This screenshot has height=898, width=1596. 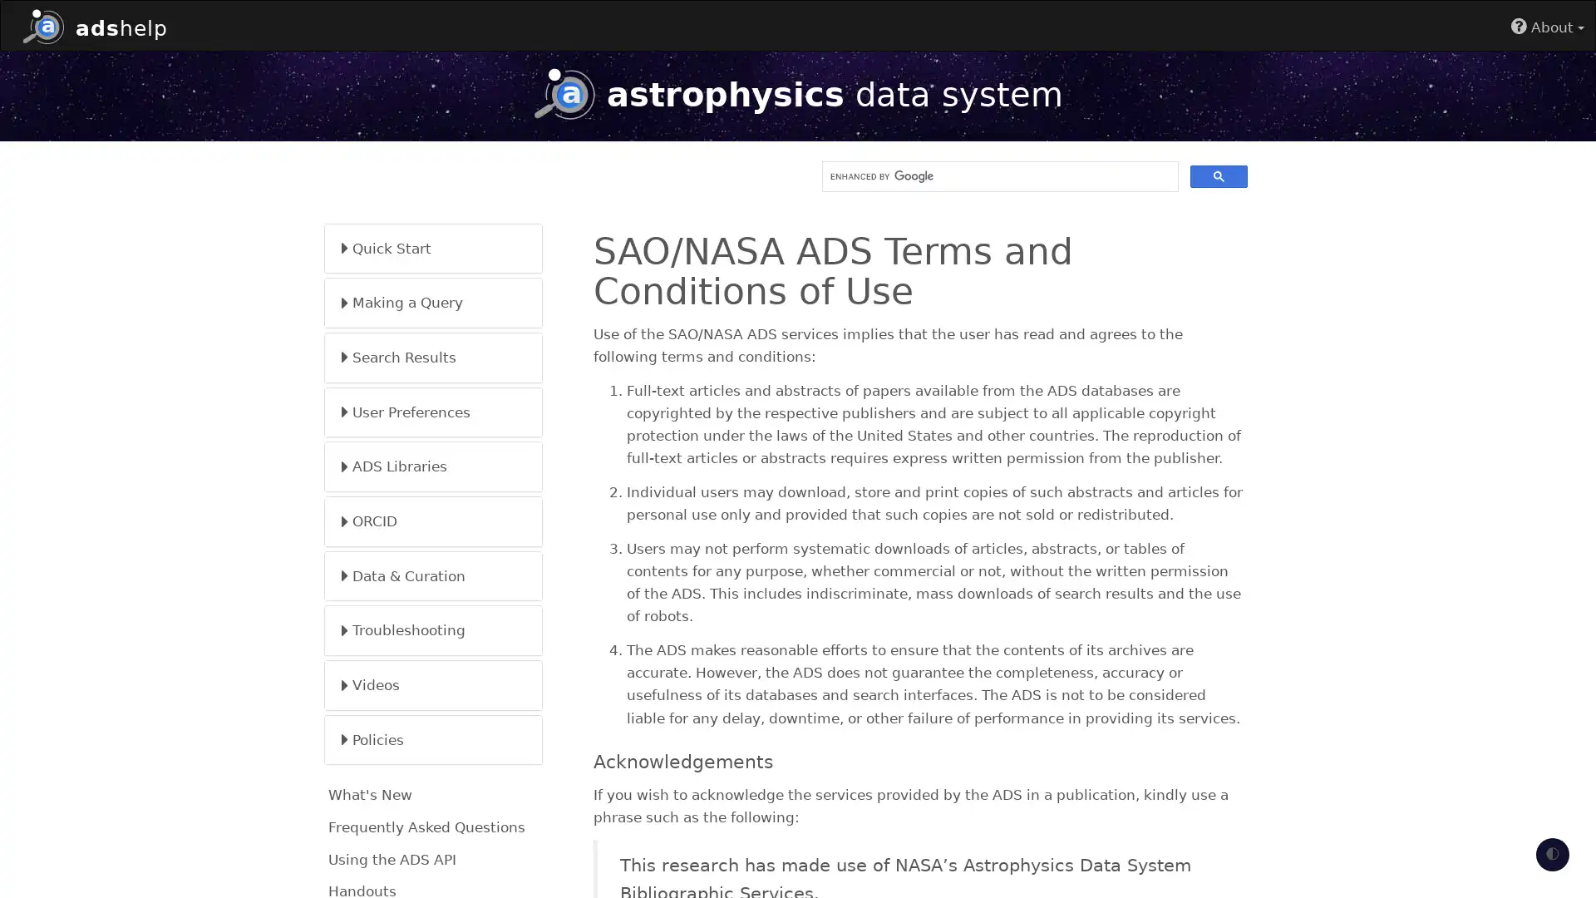 I want to click on Troubleshooting, so click(x=433, y=630).